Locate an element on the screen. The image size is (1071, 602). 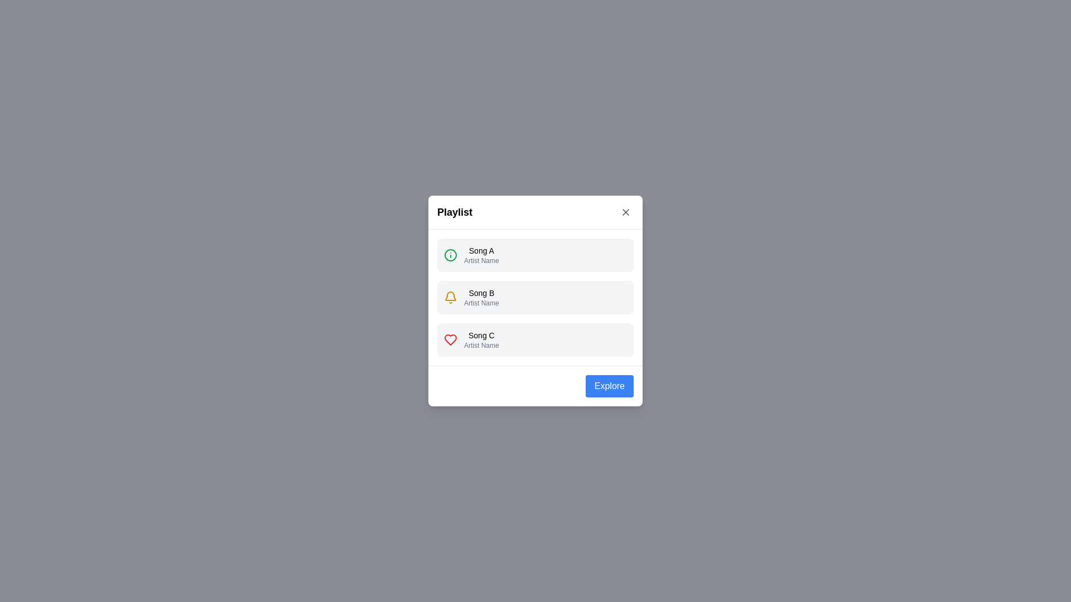
text displayed in the title and artist name of the first song in the playlist, located in the card layout to the right of a circular green icon is located at coordinates (481, 255).